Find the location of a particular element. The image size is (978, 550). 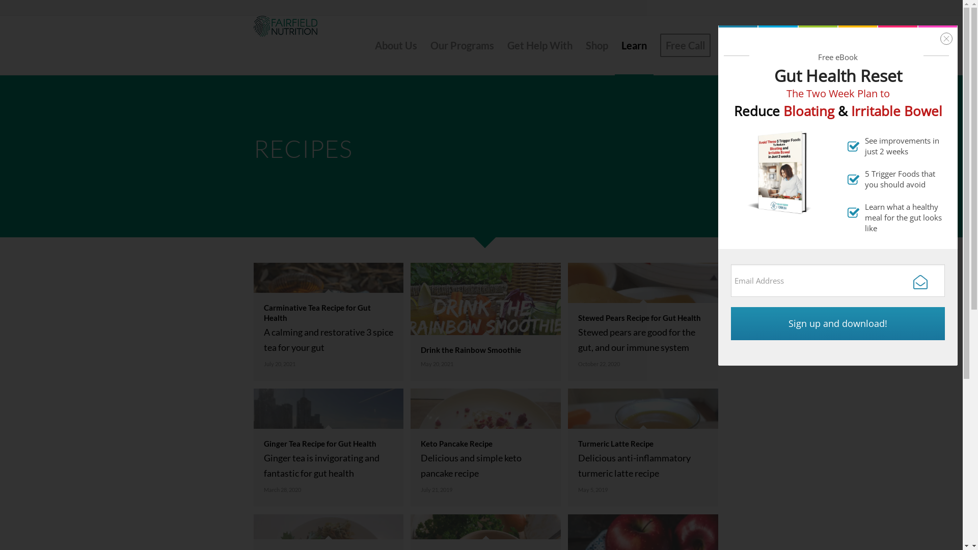

'Learn' is located at coordinates (633, 44).